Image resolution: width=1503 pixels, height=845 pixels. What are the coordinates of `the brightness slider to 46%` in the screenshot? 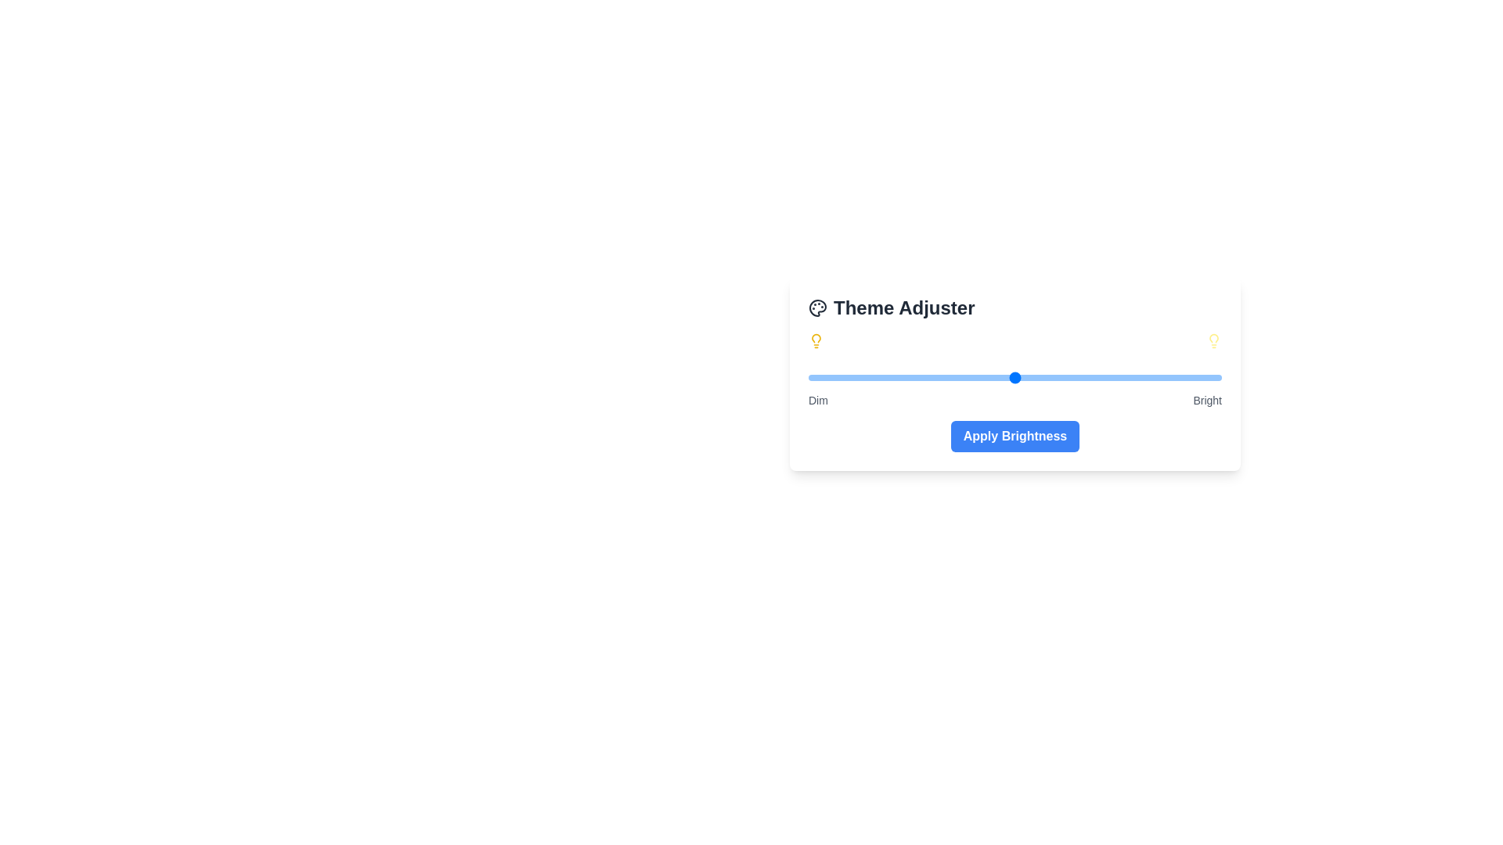 It's located at (997, 377).